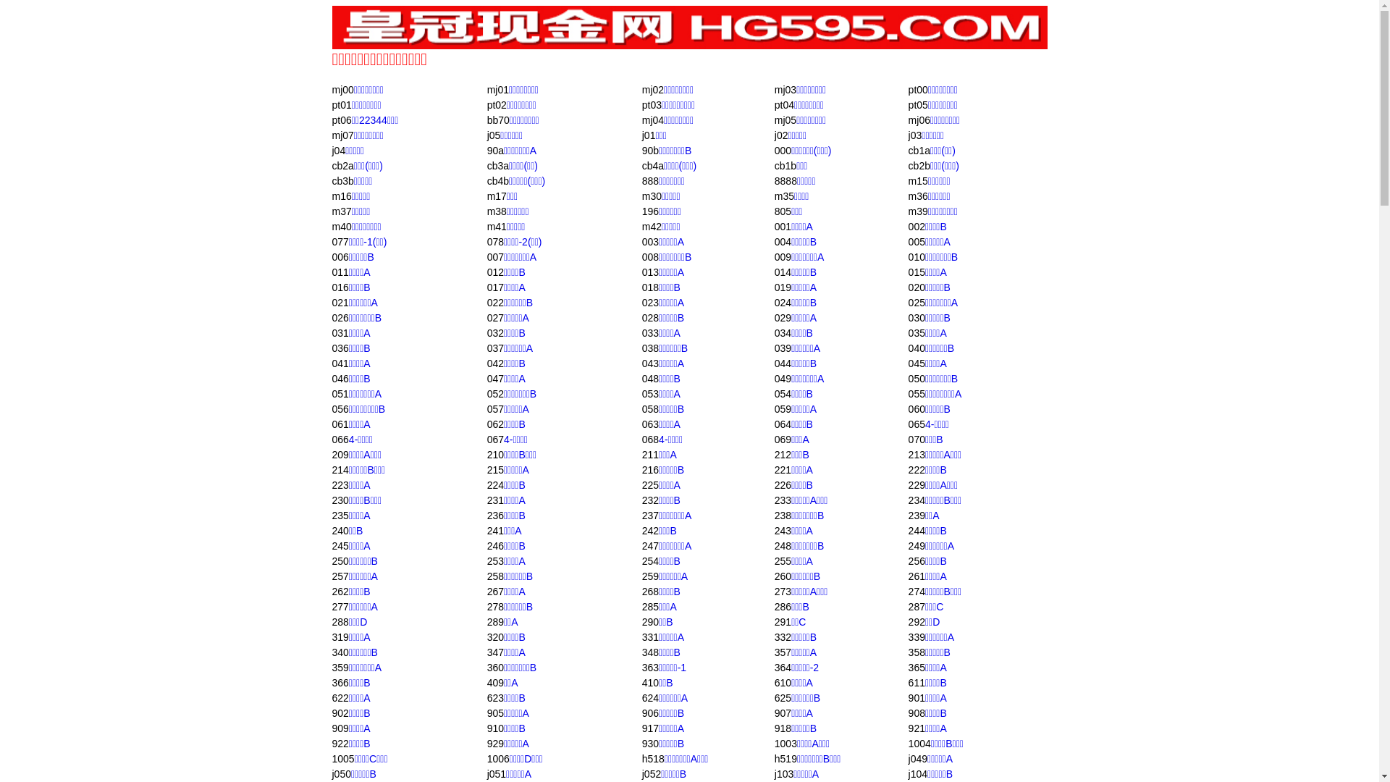 Image resolution: width=1390 pixels, height=782 pixels. What do you see at coordinates (907, 560) in the screenshot?
I see `'256'` at bounding box center [907, 560].